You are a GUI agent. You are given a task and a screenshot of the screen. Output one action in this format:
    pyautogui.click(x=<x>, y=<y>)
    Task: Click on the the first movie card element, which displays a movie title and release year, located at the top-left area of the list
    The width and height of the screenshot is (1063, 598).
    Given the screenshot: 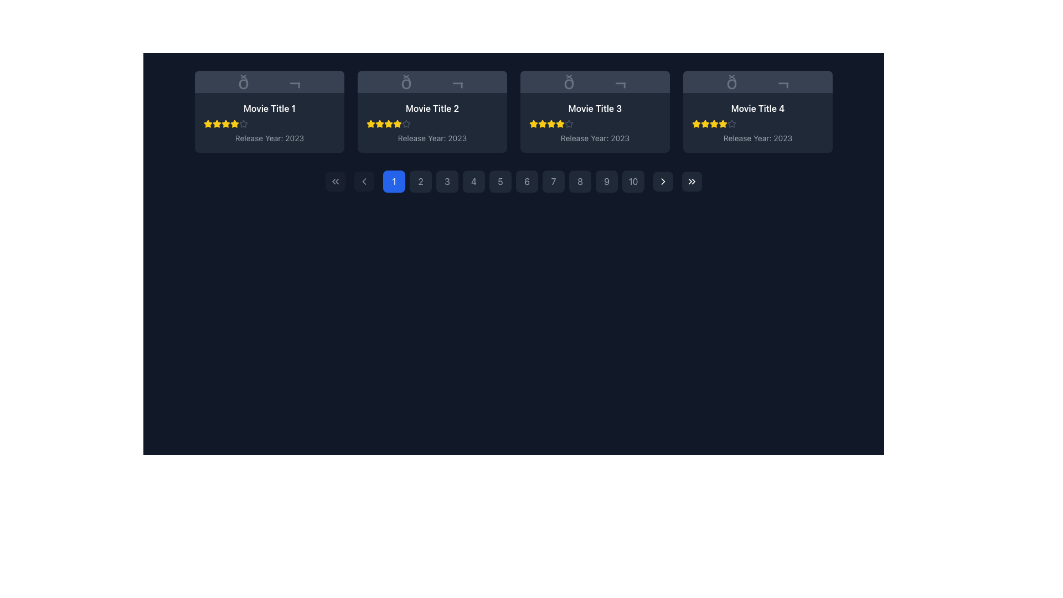 What is the action you would take?
    pyautogui.click(x=269, y=123)
    